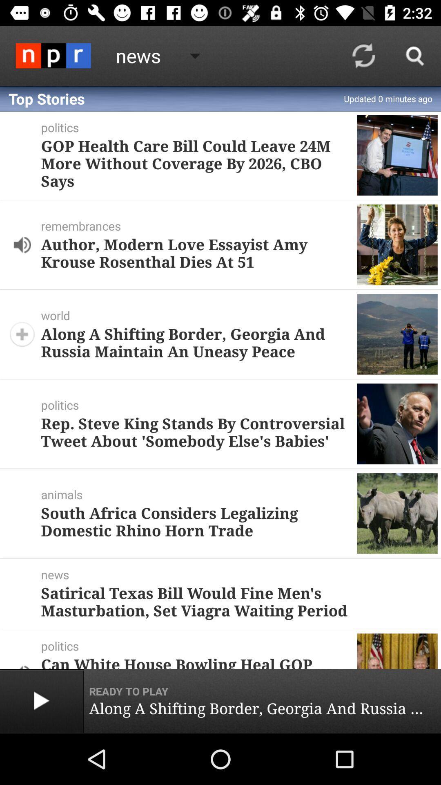 The height and width of the screenshot is (785, 441). Describe the element at coordinates (196, 521) in the screenshot. I see `the item below the animals item` at that location.